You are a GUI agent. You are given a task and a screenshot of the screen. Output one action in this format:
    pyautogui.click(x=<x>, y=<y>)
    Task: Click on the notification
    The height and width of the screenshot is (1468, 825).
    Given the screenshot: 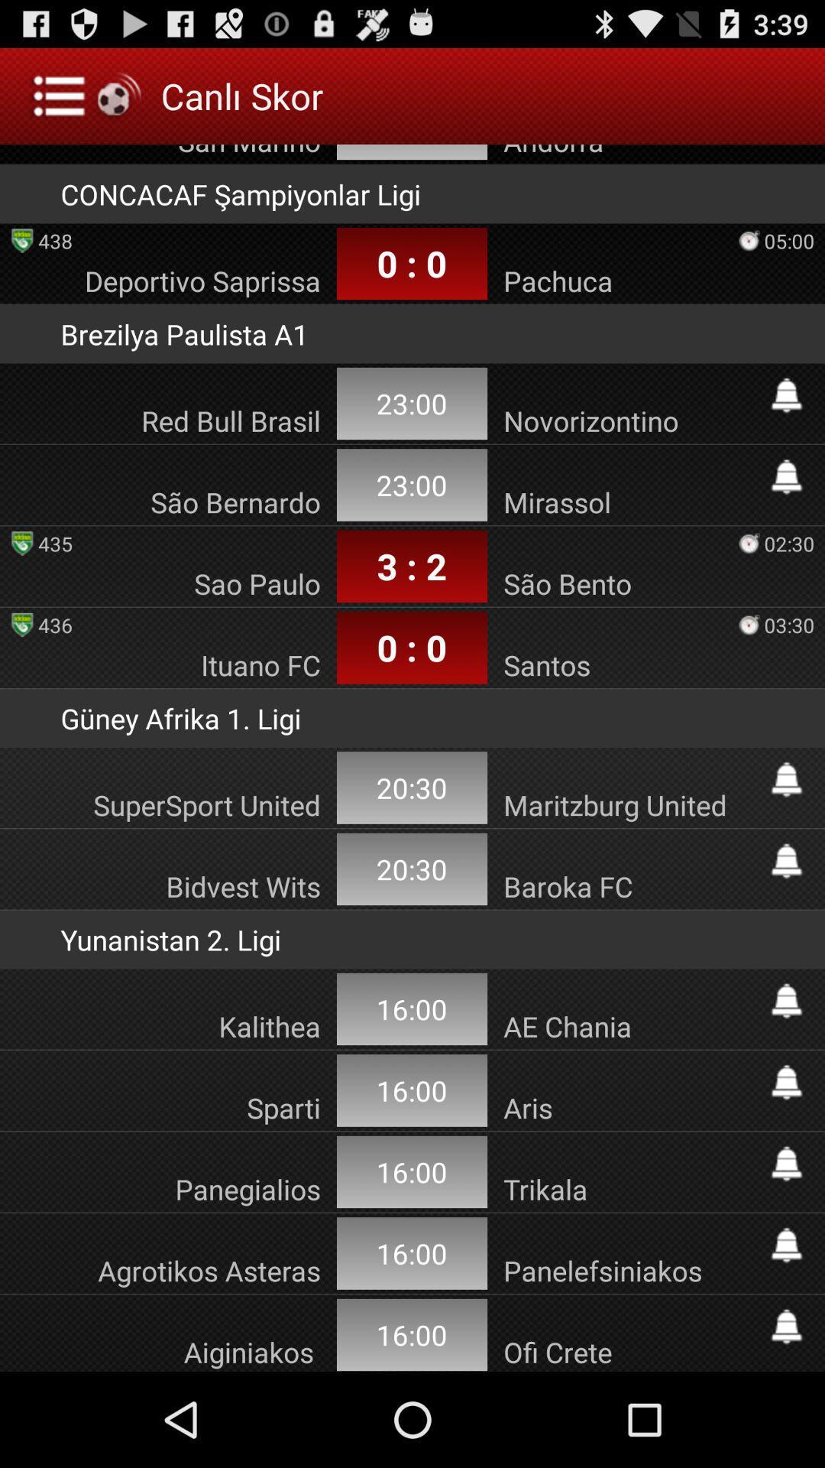 What is the action you would take?
    pyautogui.click(x=786, y=861)
    